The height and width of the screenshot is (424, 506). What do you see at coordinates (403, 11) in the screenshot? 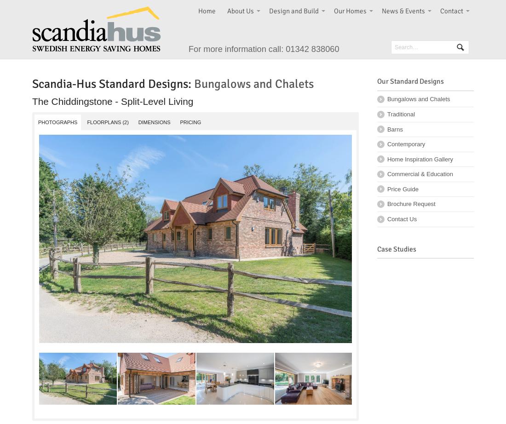
I see `'News & Events'` at bounding box center [403, 11].